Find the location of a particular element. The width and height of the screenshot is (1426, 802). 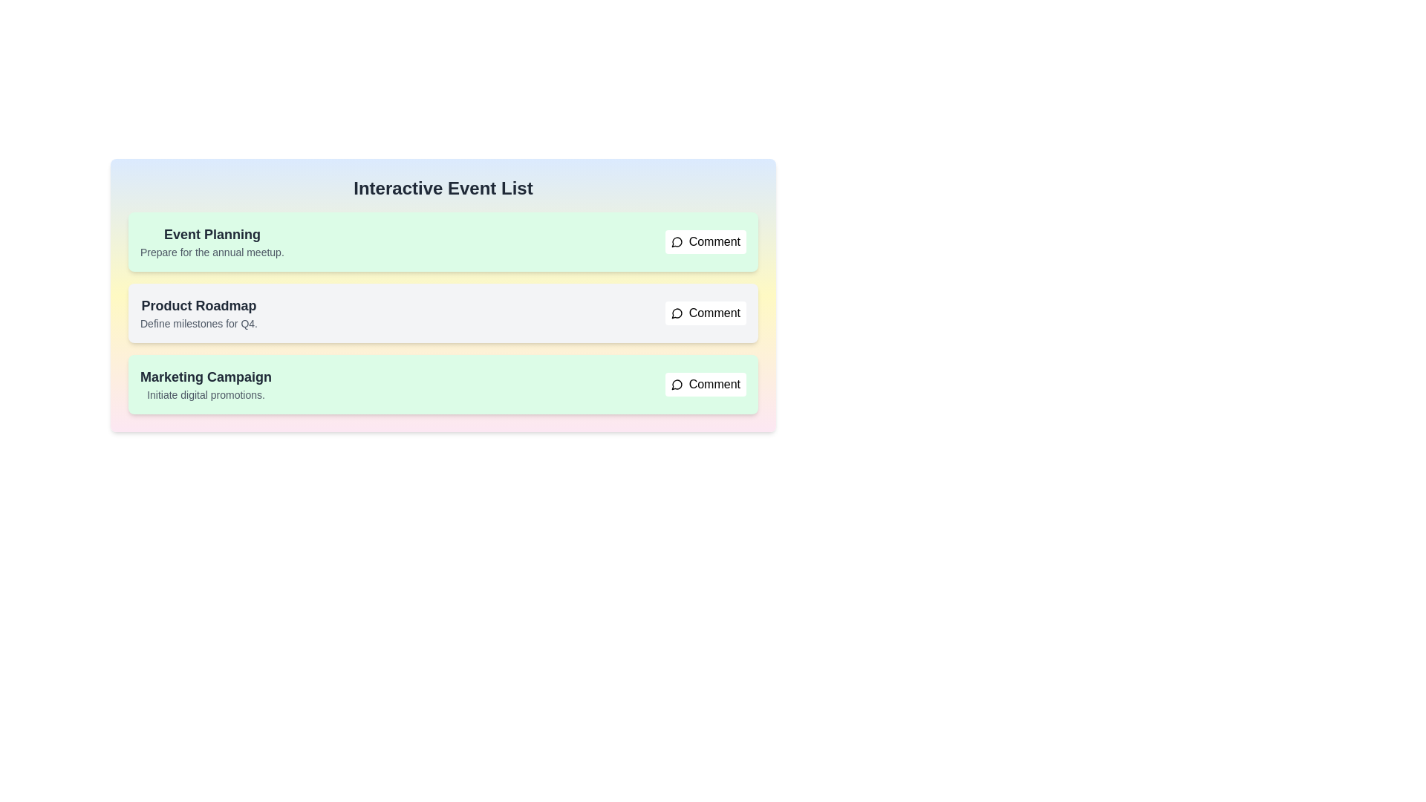

comment button for the item with title Product Roadmap is located at coordinates (705, 312).